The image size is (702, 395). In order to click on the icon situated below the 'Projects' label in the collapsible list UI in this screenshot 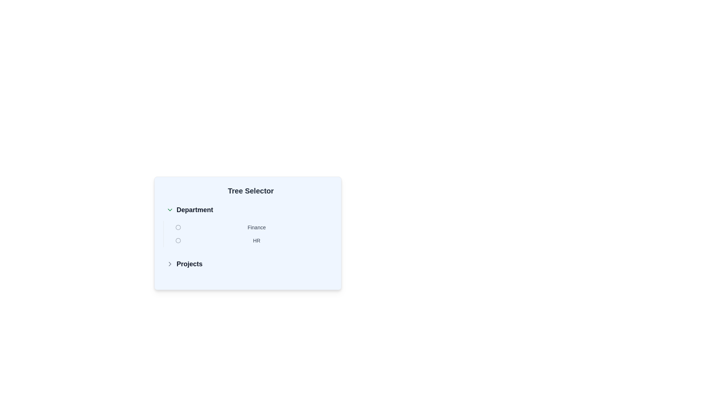, I will do `click(170, 264)`.